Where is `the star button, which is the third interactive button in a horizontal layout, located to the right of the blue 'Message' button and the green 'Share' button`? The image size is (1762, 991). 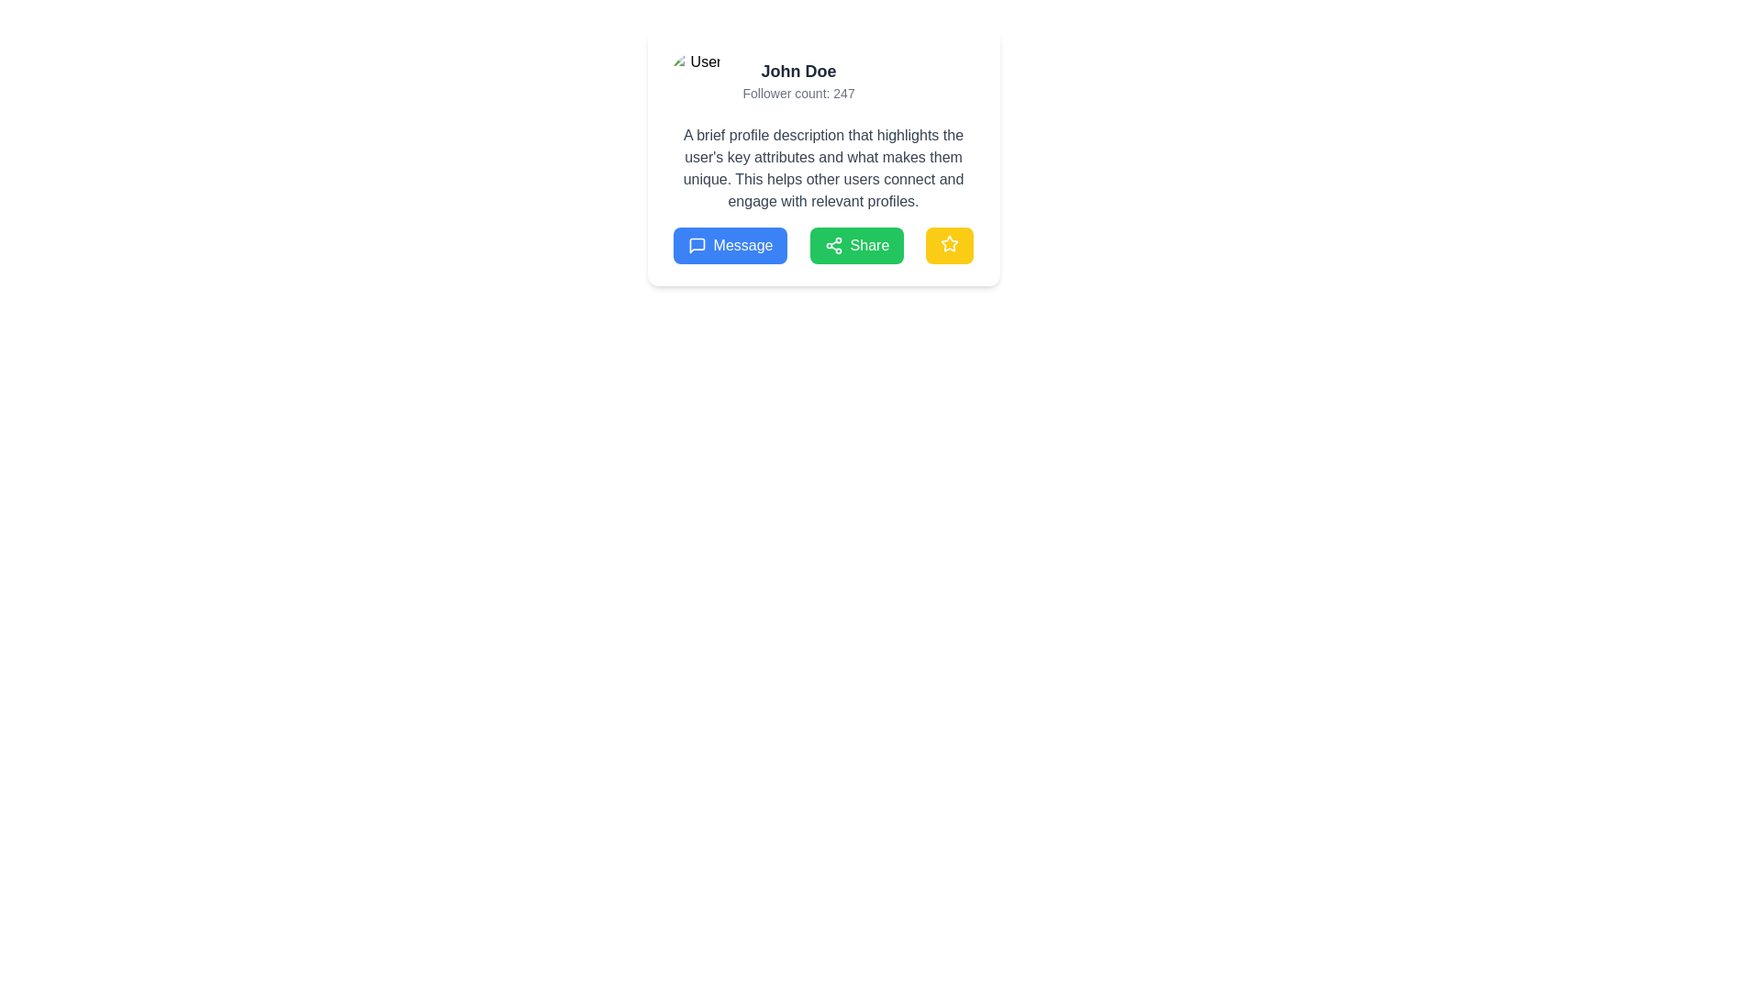
the star button, which is the third interactive button in a horizontal layout, located to the right of the blue 'Message' button and the green 'Share' button is located at coordinates (950, 244).